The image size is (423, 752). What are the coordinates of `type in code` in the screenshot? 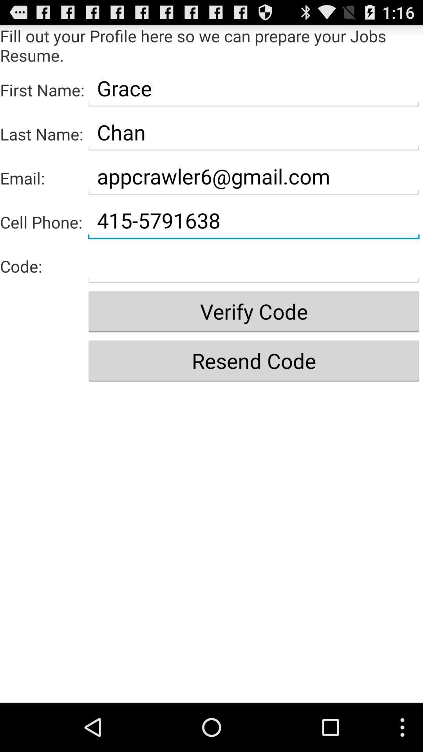 It's located at (254, 264).